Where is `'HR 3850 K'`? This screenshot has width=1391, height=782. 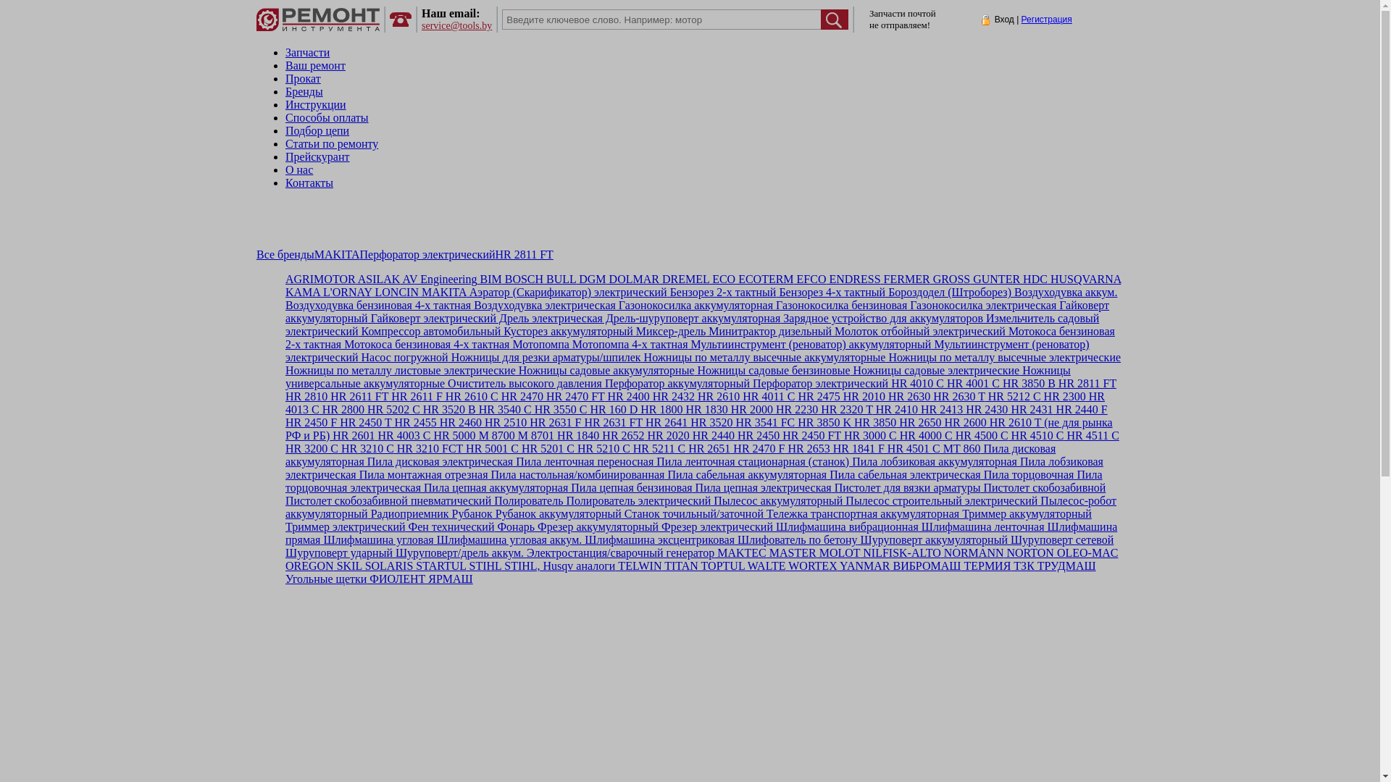
'HR 3850 K' is located at coordinates (794, 422).